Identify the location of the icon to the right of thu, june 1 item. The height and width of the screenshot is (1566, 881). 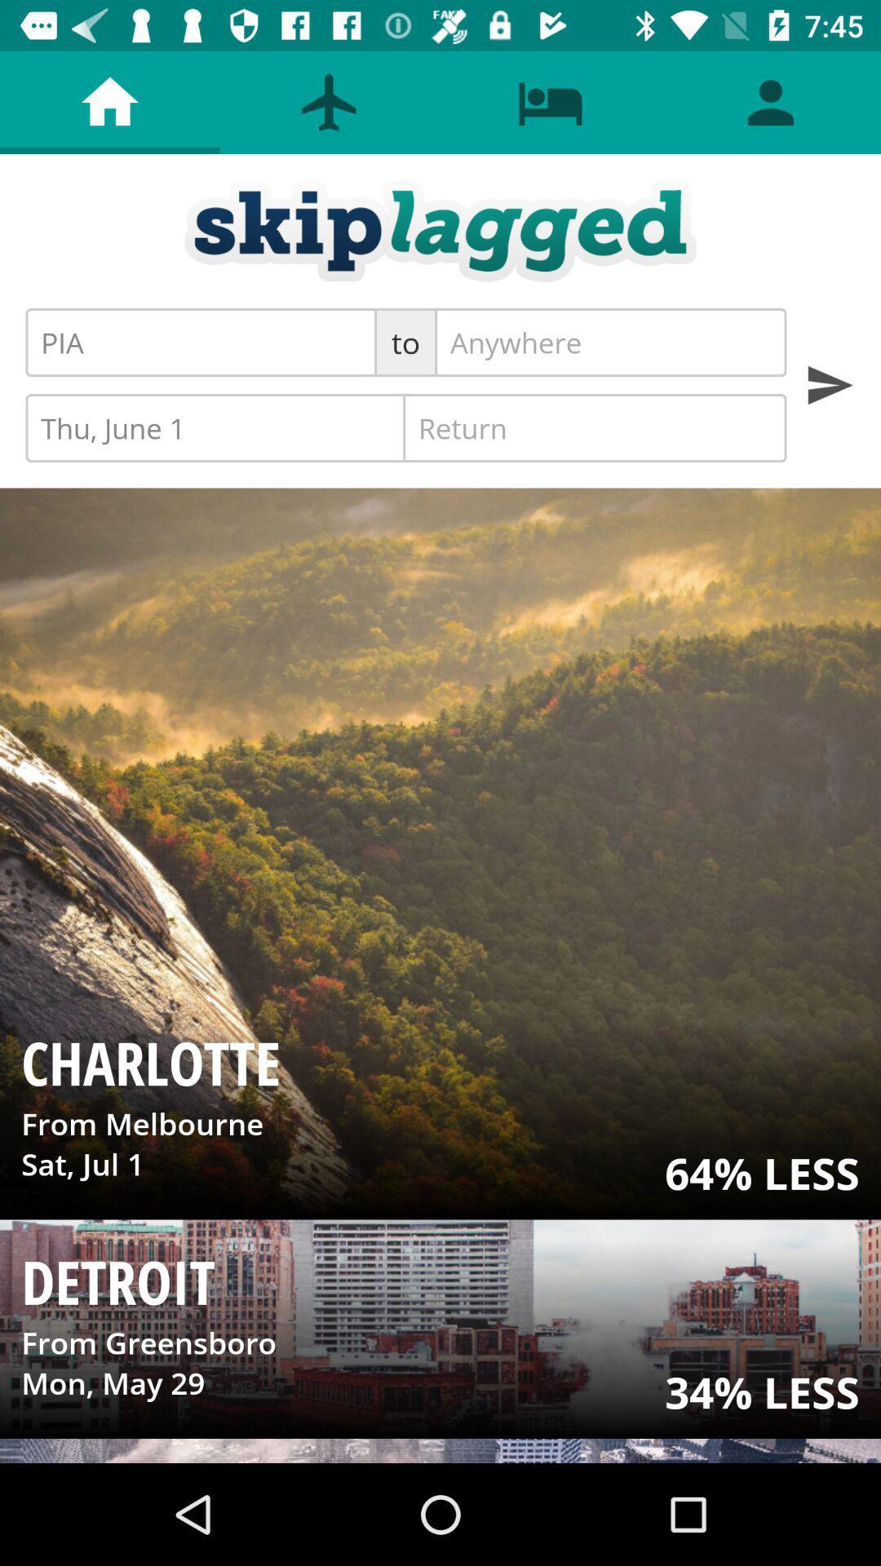
(595, 427).